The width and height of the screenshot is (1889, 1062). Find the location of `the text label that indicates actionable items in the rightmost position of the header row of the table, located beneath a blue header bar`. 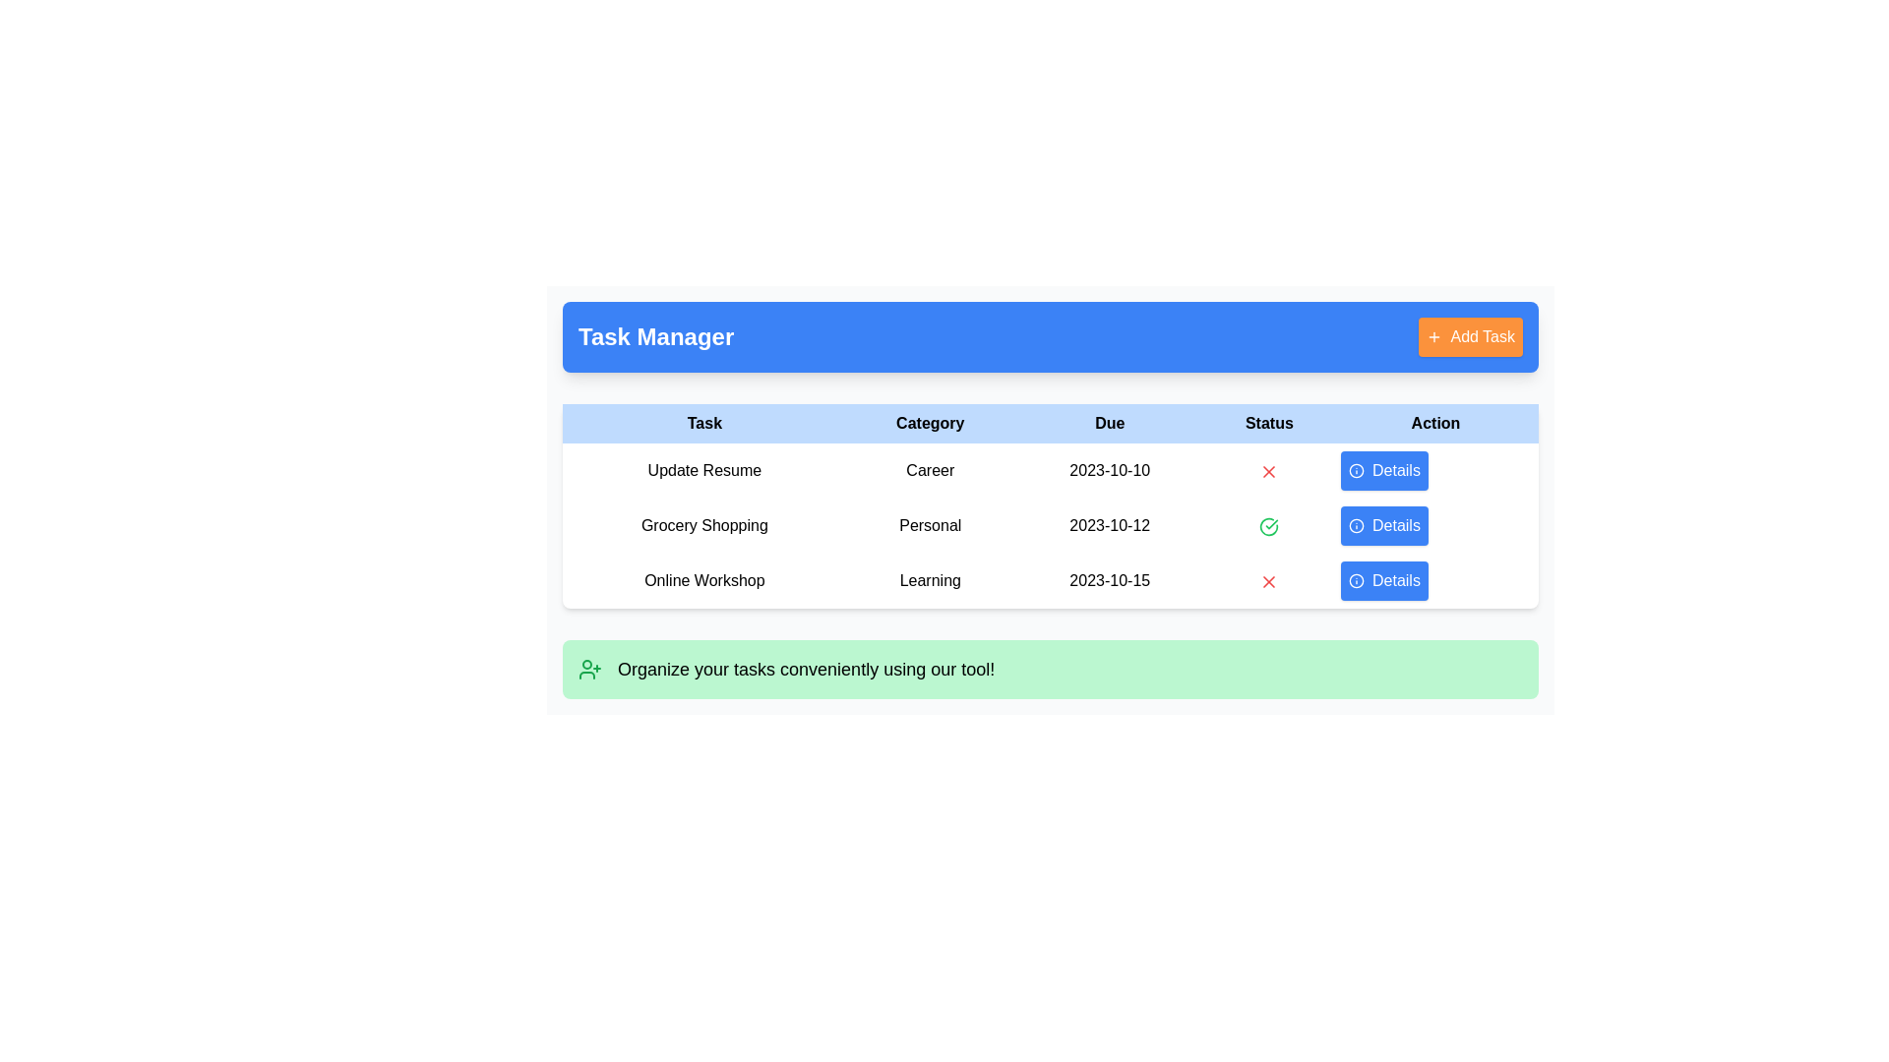

the text label that indicates actionable items in the rightmost position of the header row of the table, located beneath a blue header bar is located at coordinates (1435, 423).